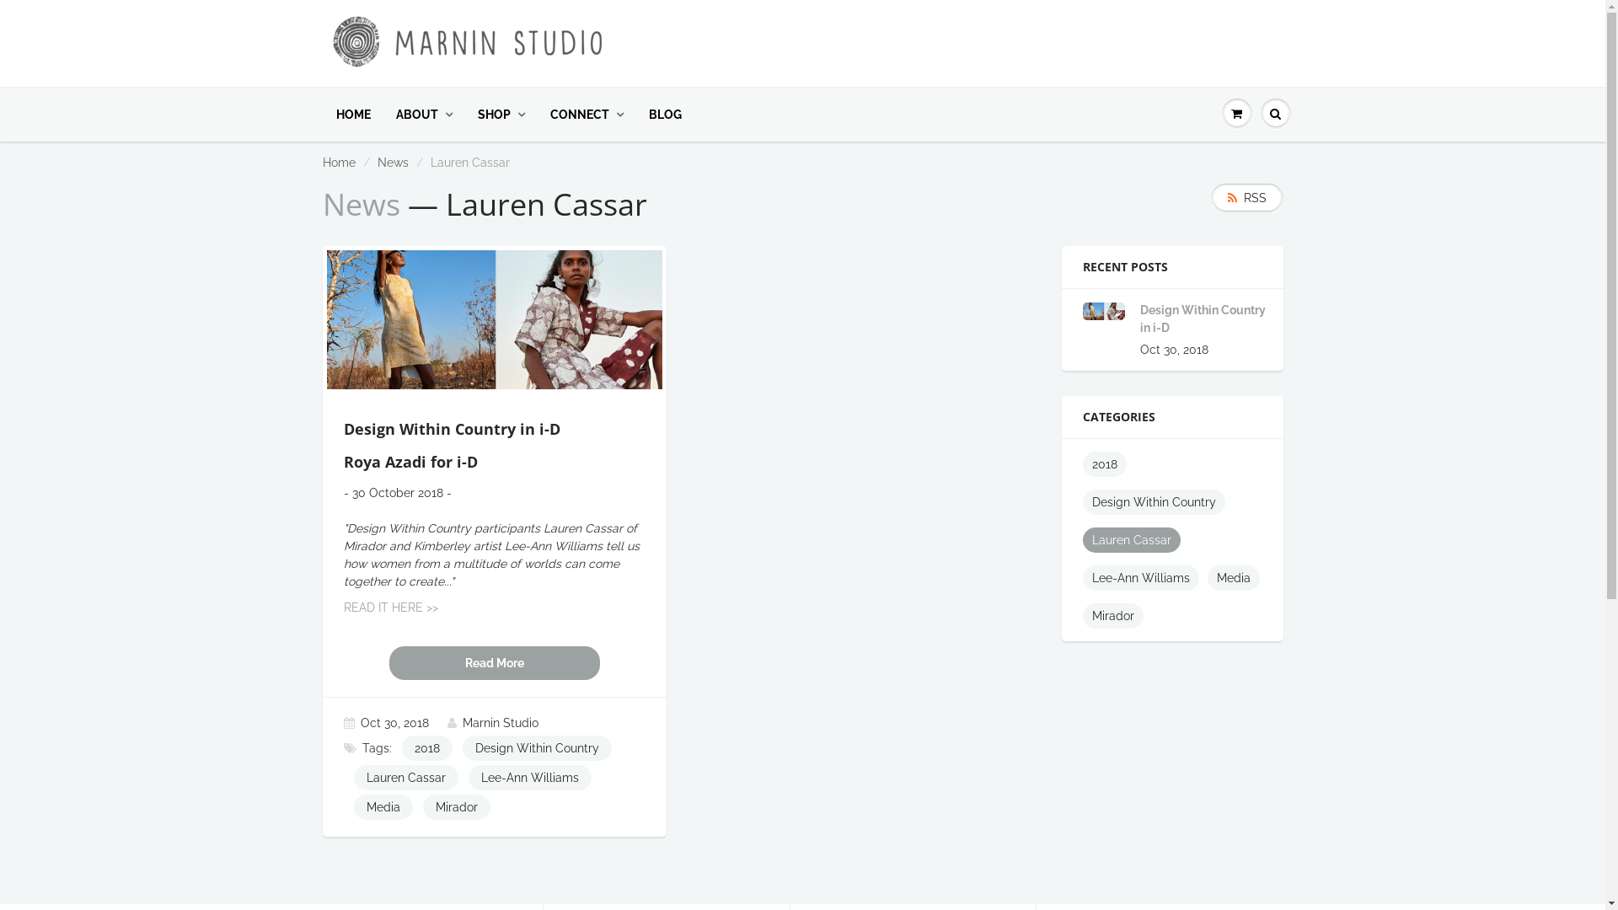 The image size is (1618, 910). Describe the element at coordinates (1234, 577) in the screenshot. I see `'Media'` at that location.